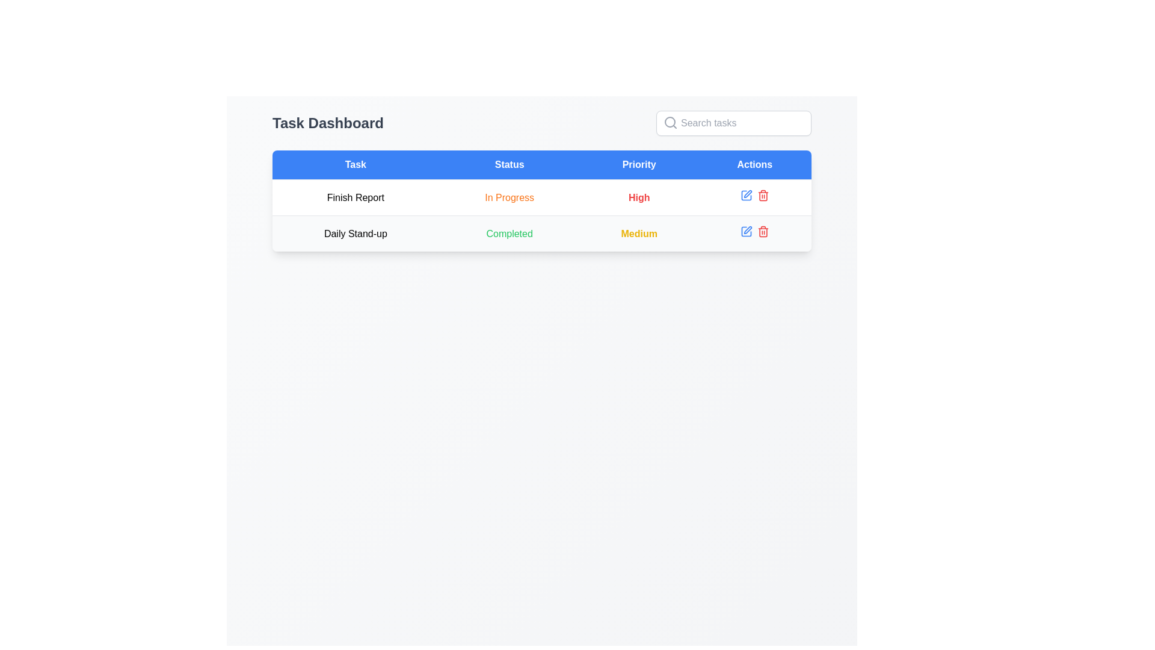 The image size is (1155, 650). Describe the element at coordinates (762, 194) in the screenshot. I see `the red-colored trash bin icon in the 'Actions' column of the second row` at that location.